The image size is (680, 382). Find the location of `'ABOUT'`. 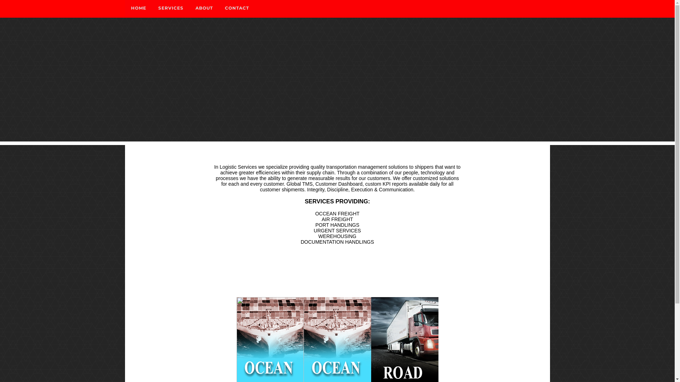

'ABOUT' is located at coordinates (203, 8).